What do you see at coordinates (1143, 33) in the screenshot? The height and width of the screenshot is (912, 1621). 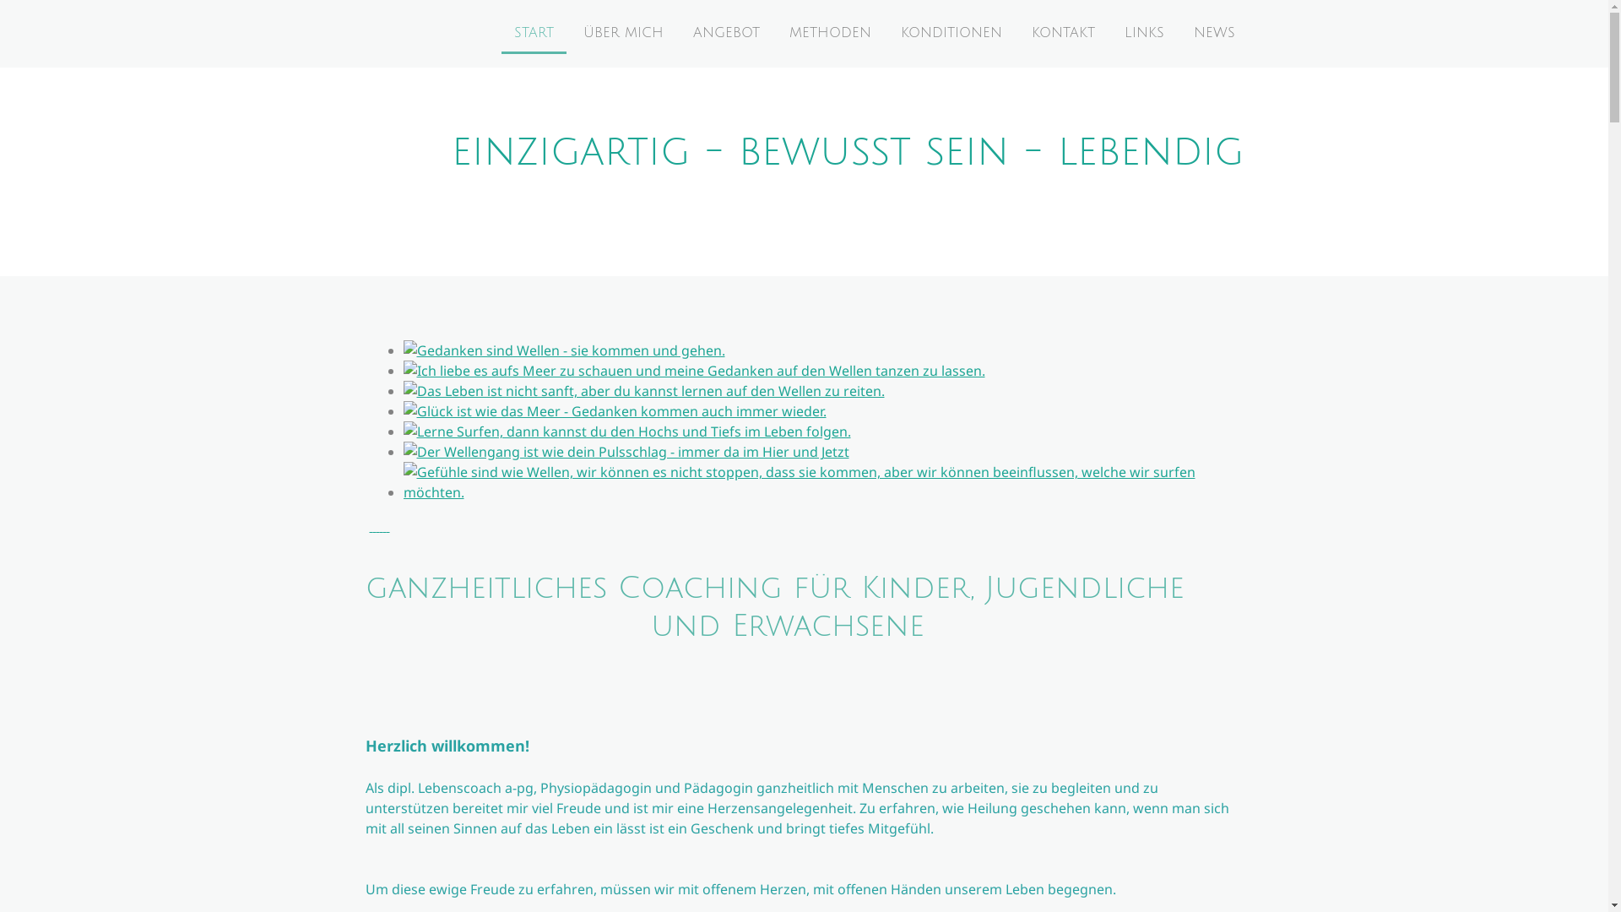 I see `'LINKS'` at bounding box center [1143, 33].